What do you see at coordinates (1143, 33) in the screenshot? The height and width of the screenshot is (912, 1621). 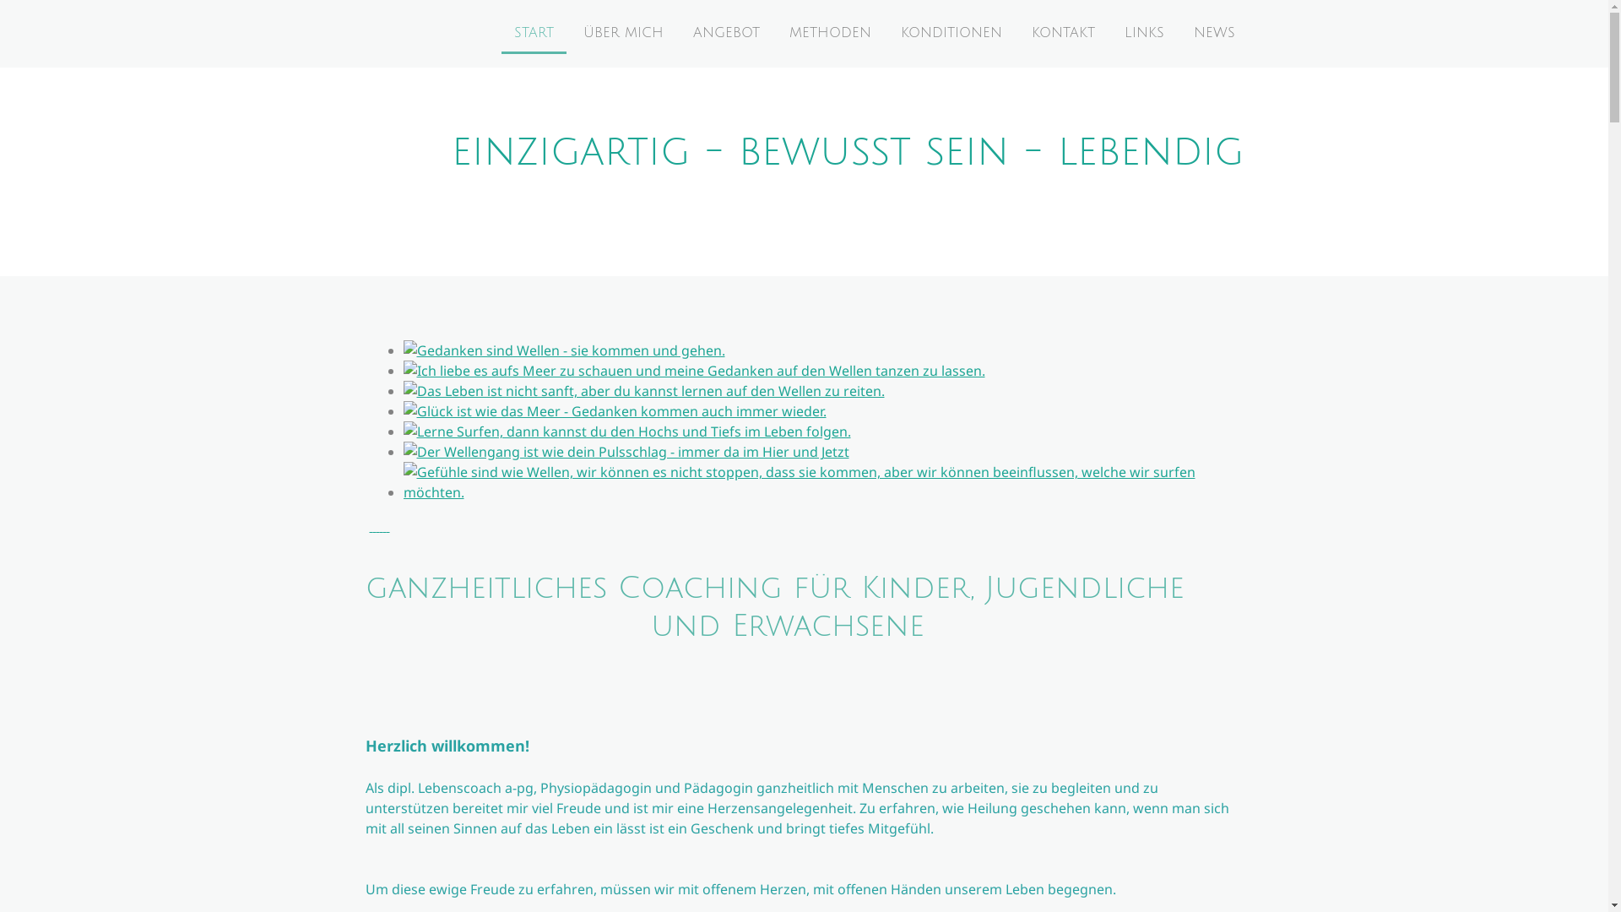 I see `'LINKS'` at bounding box center [1143, 33].